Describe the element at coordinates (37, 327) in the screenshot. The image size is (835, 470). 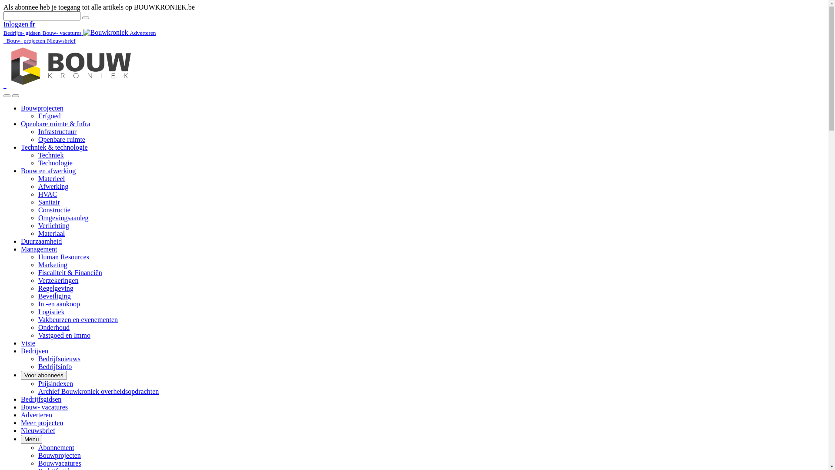
I see `'Onderhoud'` at that location.